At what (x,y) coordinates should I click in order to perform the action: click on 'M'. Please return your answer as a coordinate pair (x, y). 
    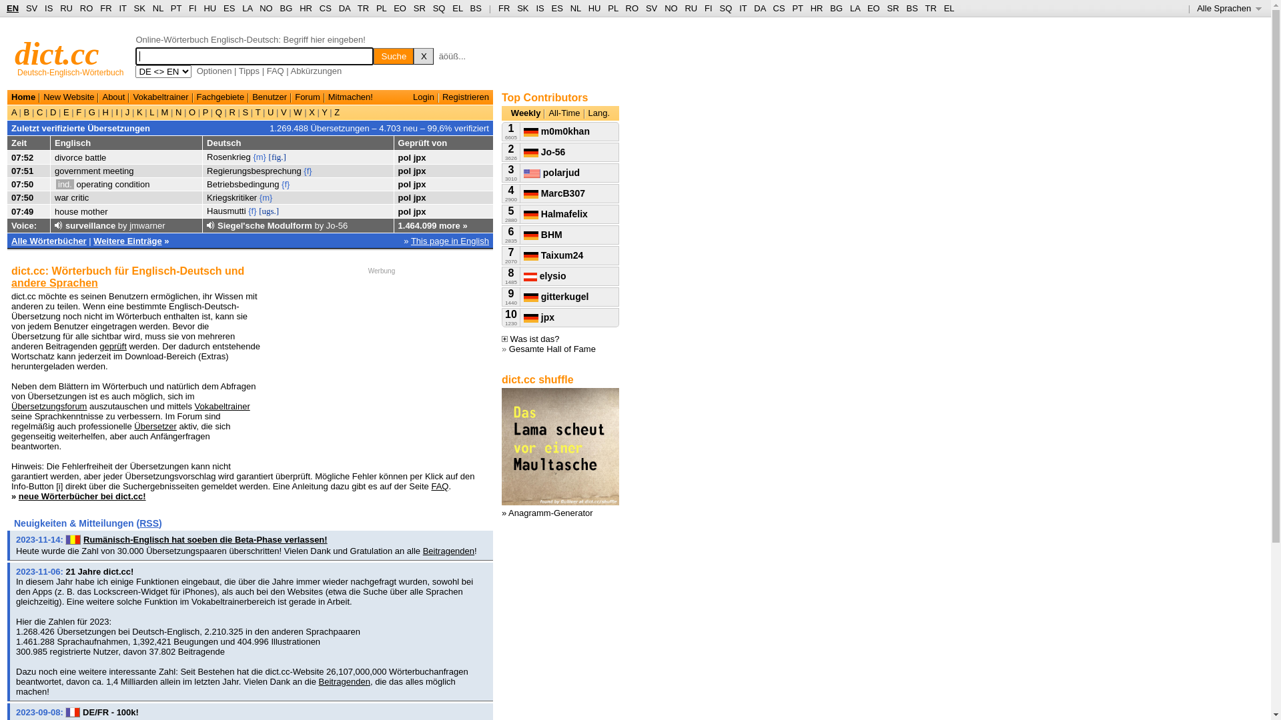
    Looking at the image, I should click on (163, 111).